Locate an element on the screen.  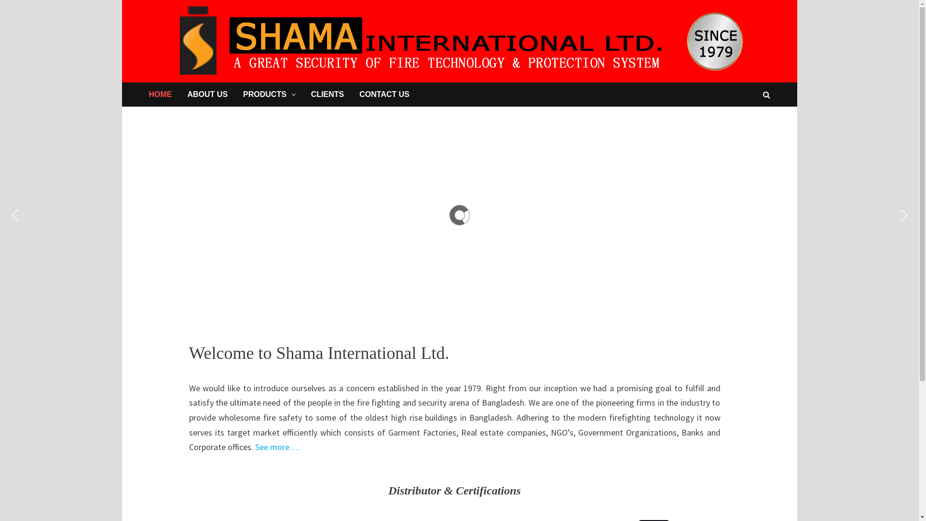
'CONTACT US' is located at coordinates (383, 95).